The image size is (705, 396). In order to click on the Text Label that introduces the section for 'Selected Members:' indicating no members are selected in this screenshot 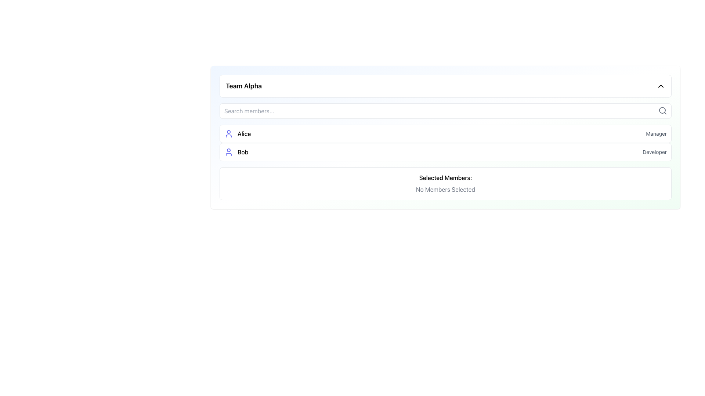, I will do `click(445, 178)`.